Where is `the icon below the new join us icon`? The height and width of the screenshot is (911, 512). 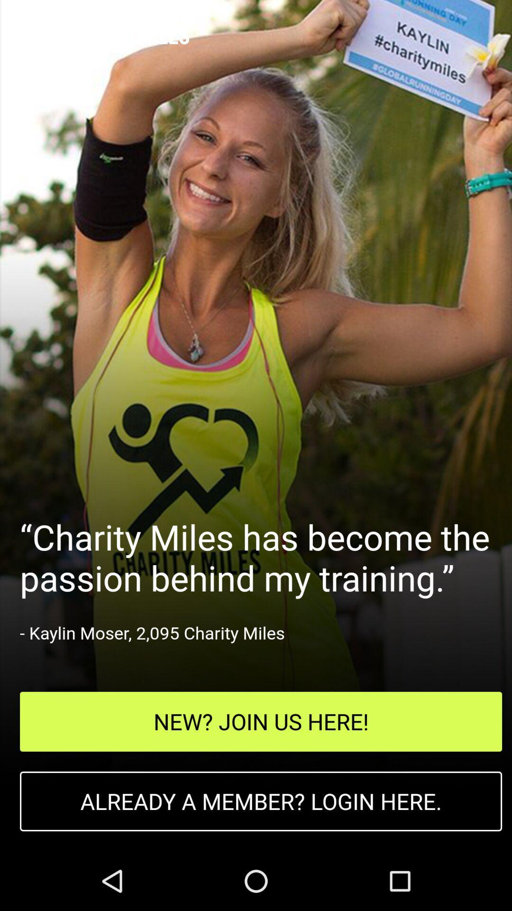 the icon below the new join us icon is located at coordinates (261, 801).